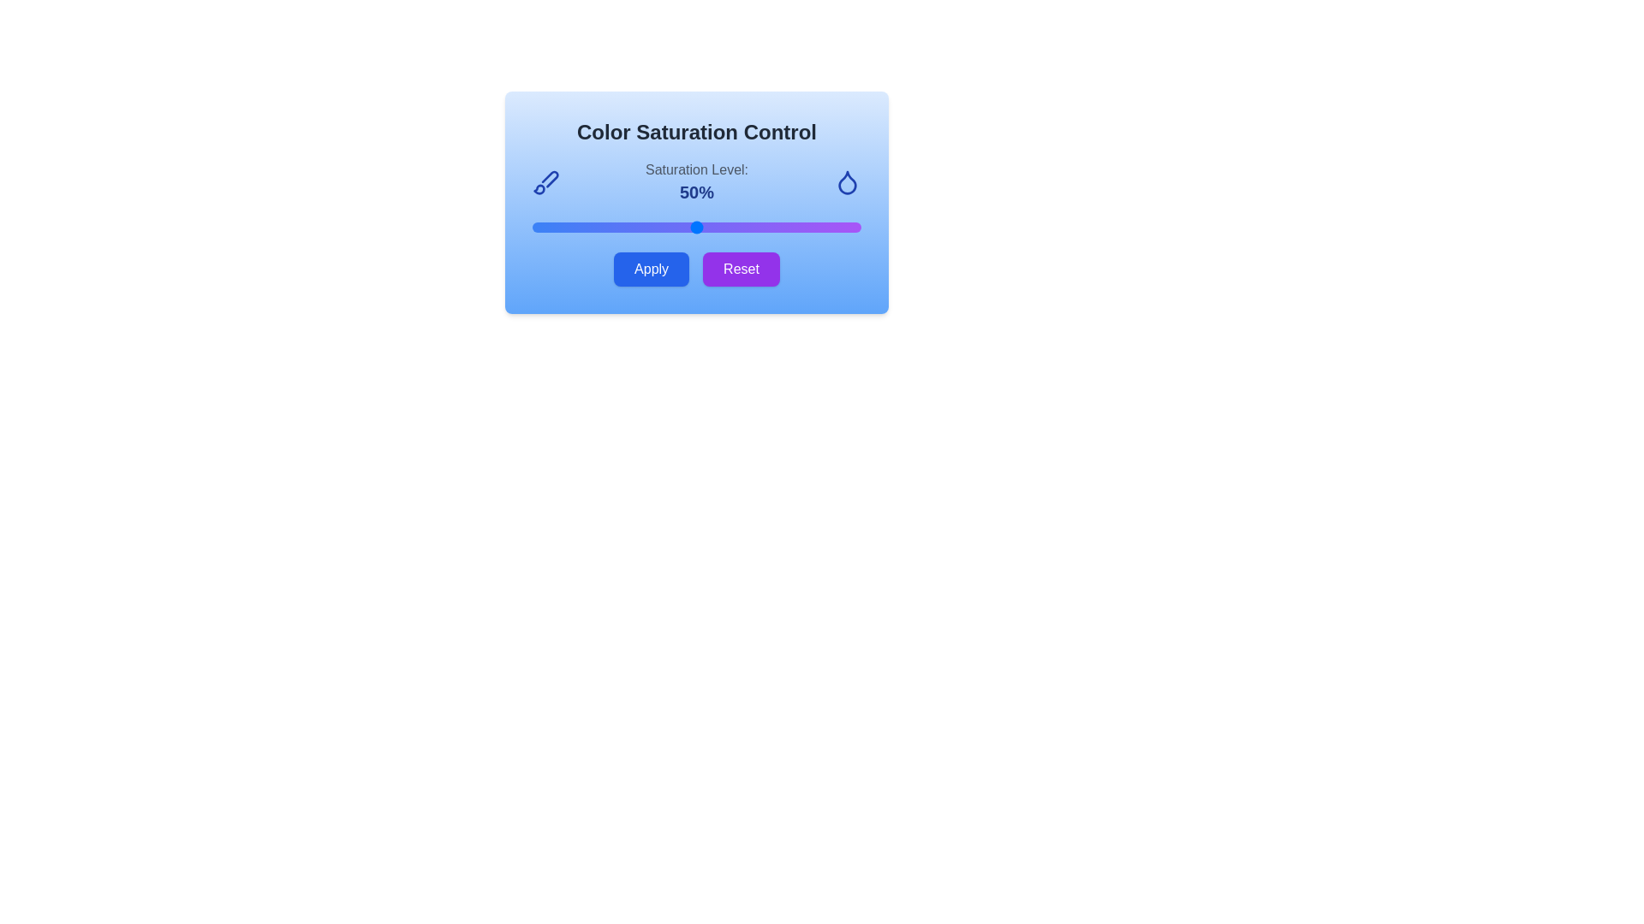 Image resolution: width=1644 pixels, height=924 pixels. What do you see at coordinates (565, 227) in the screenshot?
I see `the color saturation to 10% by adjusting the slider` at bounding box center [565, 227].